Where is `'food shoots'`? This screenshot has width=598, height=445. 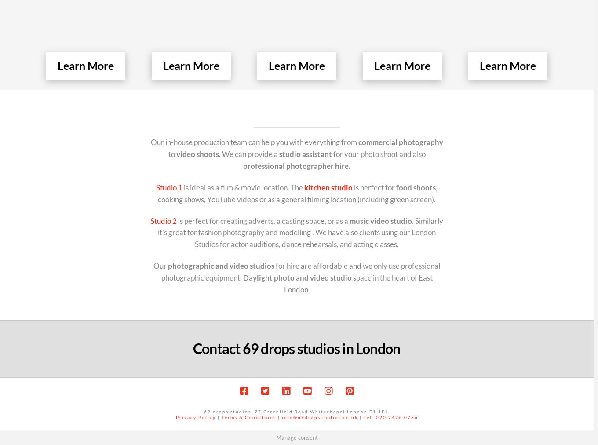 'food shoots' is located at coordinates (416, 187).